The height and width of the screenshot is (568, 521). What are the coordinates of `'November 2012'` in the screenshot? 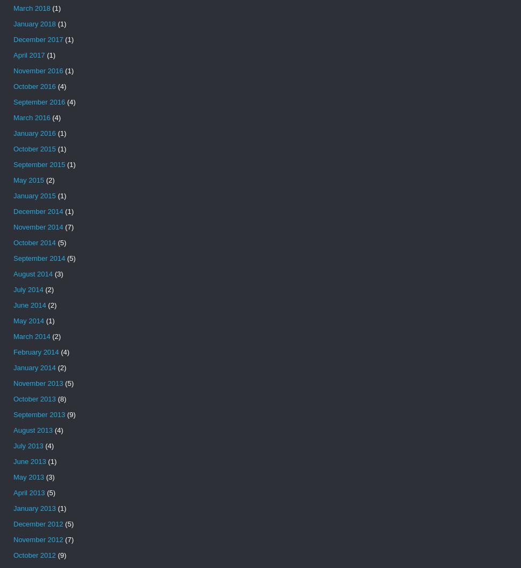 It's located at (37, 539).